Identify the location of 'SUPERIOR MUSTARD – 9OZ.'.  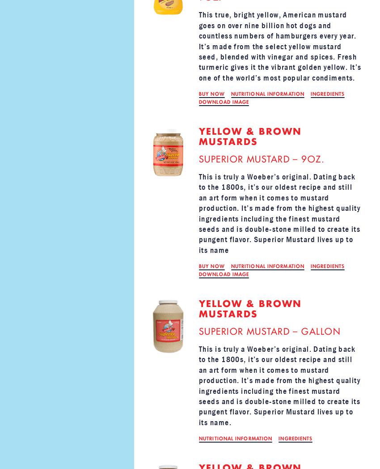
(262, 158).